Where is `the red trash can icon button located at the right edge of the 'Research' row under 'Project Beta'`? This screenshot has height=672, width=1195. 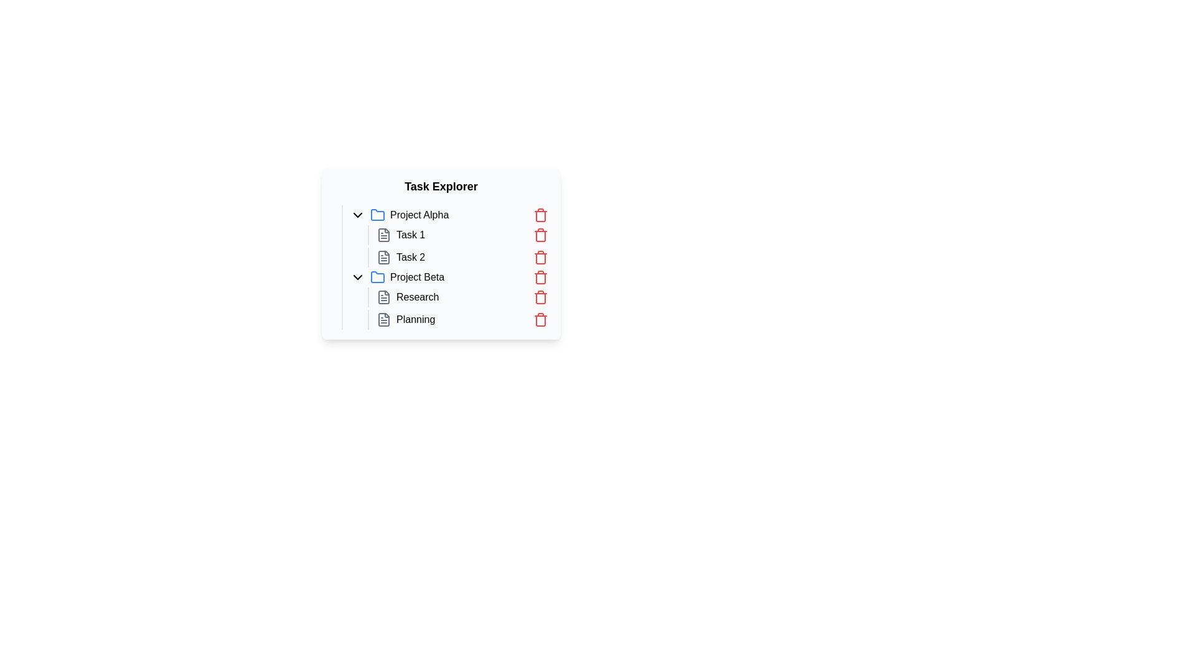
the red trash can icon button located at the right edge of the 'Research' row under 'Project Beta' is located at coordinates (540, 297).